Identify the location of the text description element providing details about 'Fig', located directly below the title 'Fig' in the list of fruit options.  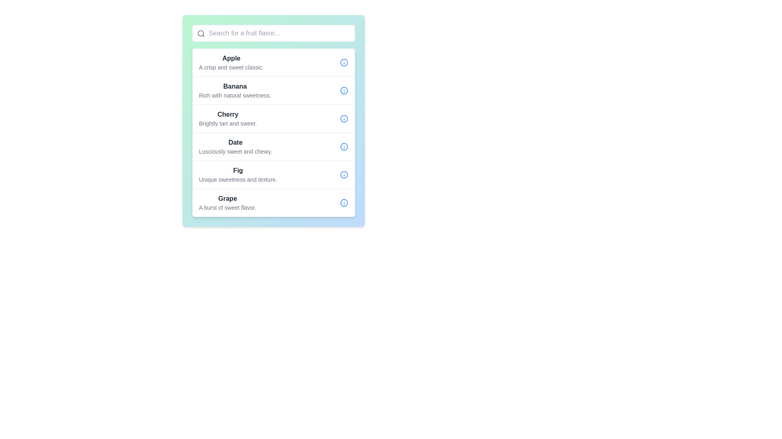
(237, 179).